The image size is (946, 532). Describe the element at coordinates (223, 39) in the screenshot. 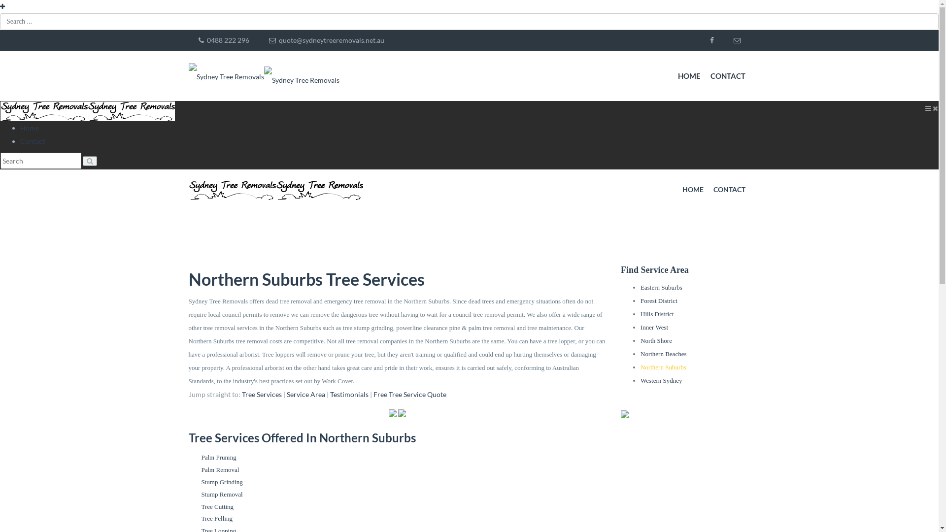

I see `'  0488 222 296'` at that location.